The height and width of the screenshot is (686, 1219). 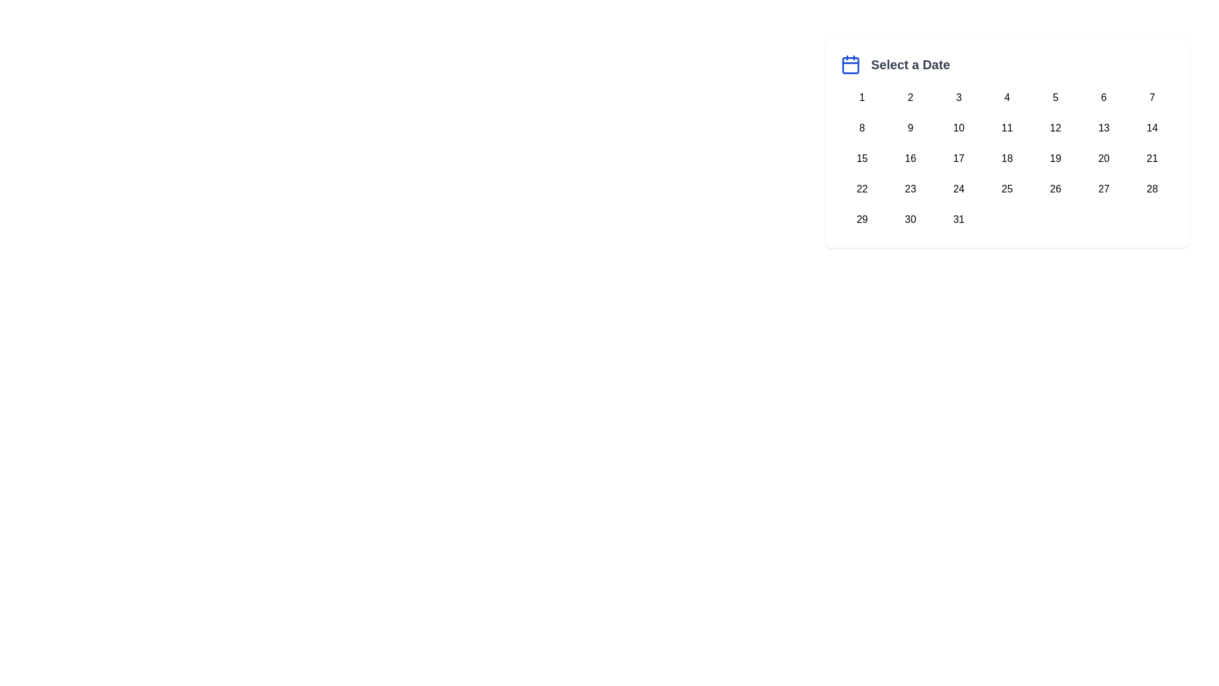 I want to click on the calendar button representing the date '15' to observe the hover effects, so click(x=862, y=158).